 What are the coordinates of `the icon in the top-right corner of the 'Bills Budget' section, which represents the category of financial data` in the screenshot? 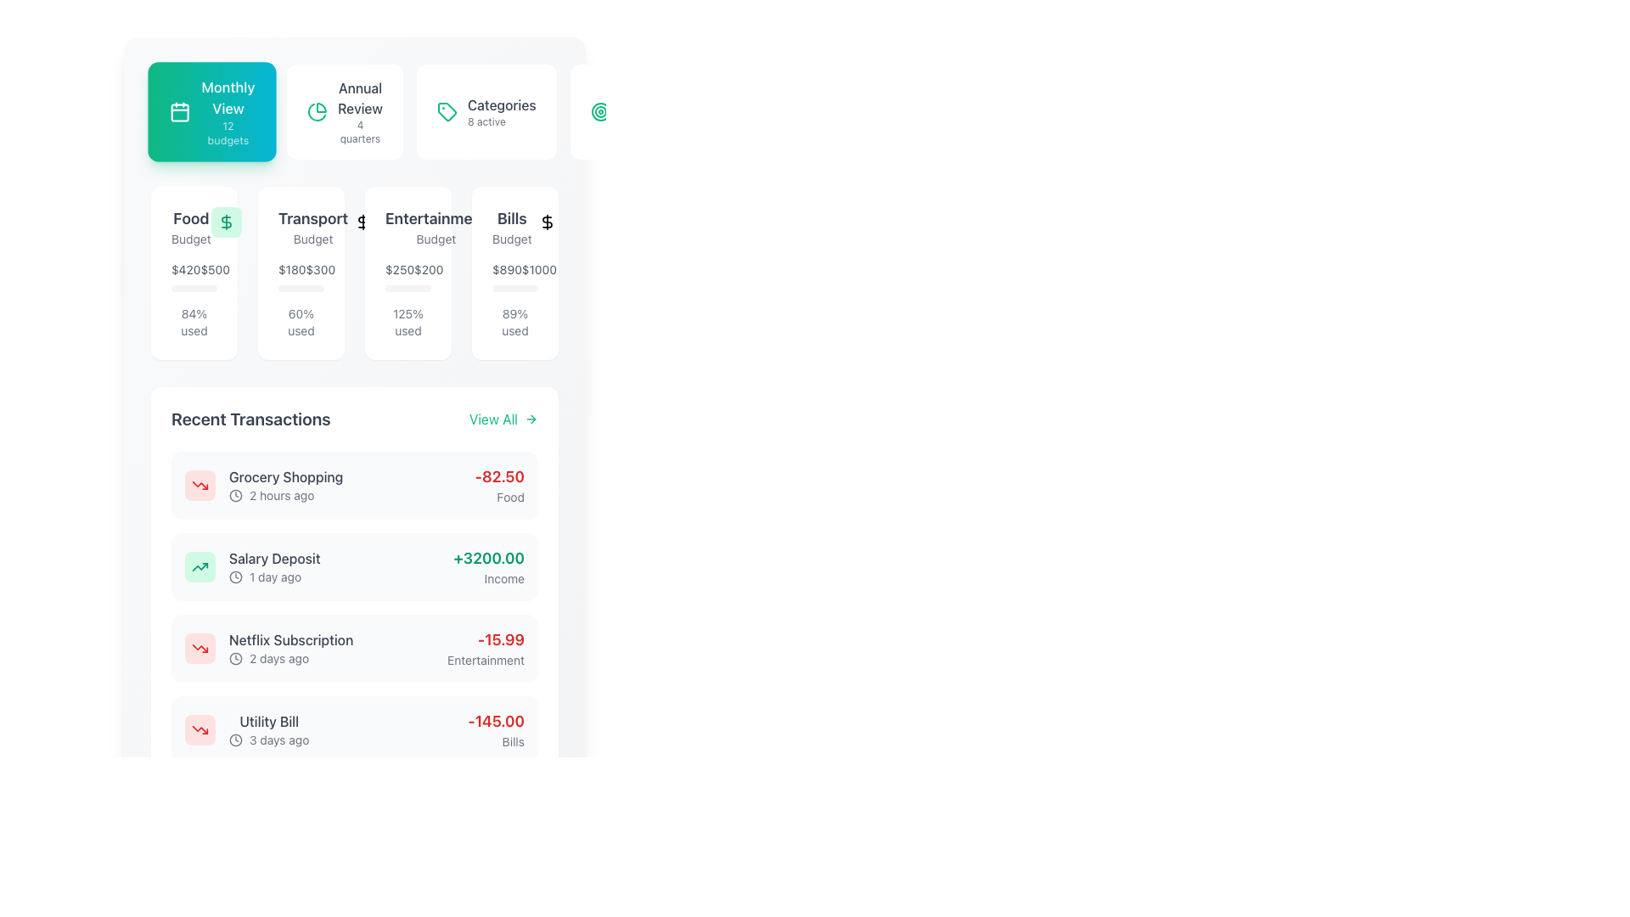 It's located at (547, 222).